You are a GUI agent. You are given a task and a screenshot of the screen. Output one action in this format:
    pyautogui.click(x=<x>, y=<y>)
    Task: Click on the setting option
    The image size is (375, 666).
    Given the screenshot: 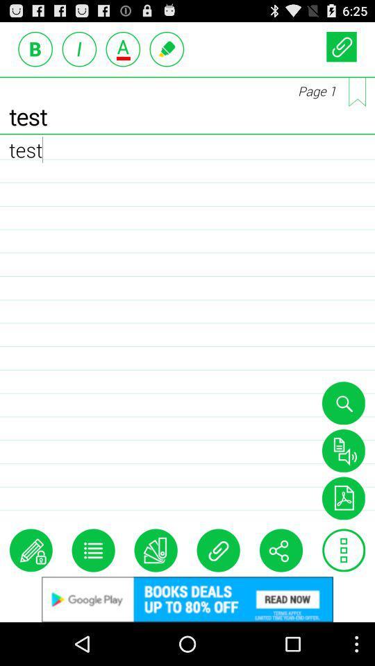 What is the action you would take?
    pyautogui.click(x=343, y=550)
    